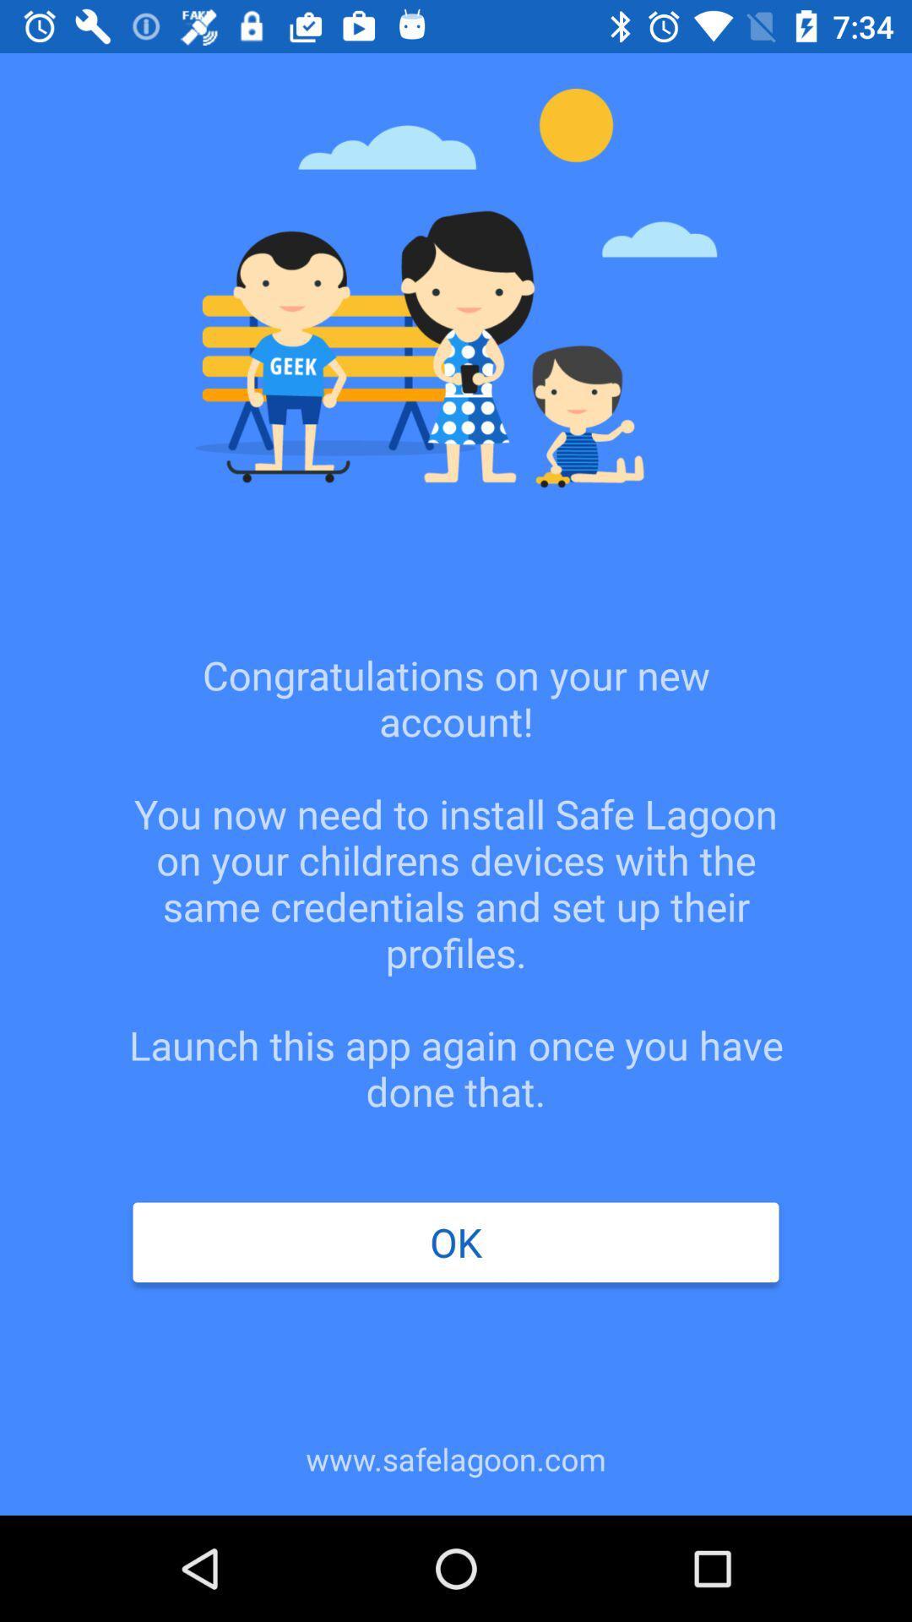 This screenshot has height=1622, width=912. I want to click on the ok item, so click(456, 1242).